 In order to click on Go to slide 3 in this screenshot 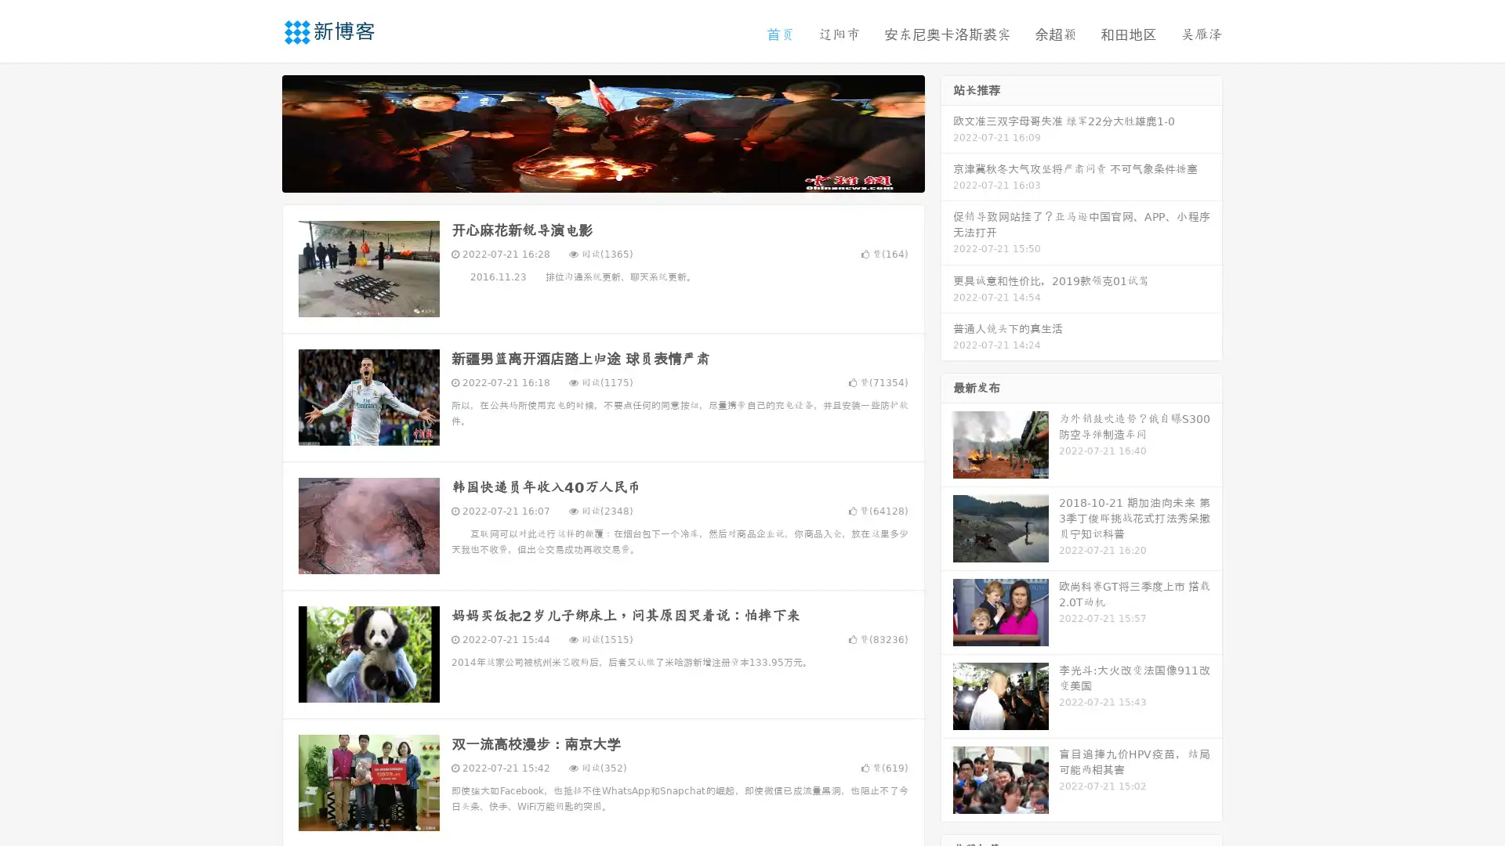, I will do `click(618, 176)`.